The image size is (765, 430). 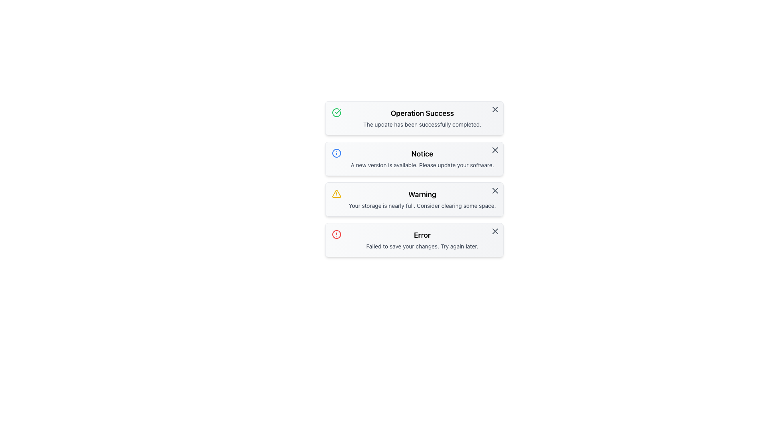 I want to click on the textual notification that reads 'A new version is available. Please update your software.' located under the 'Notice' section with a blue icon, so click(x=422, y=165).